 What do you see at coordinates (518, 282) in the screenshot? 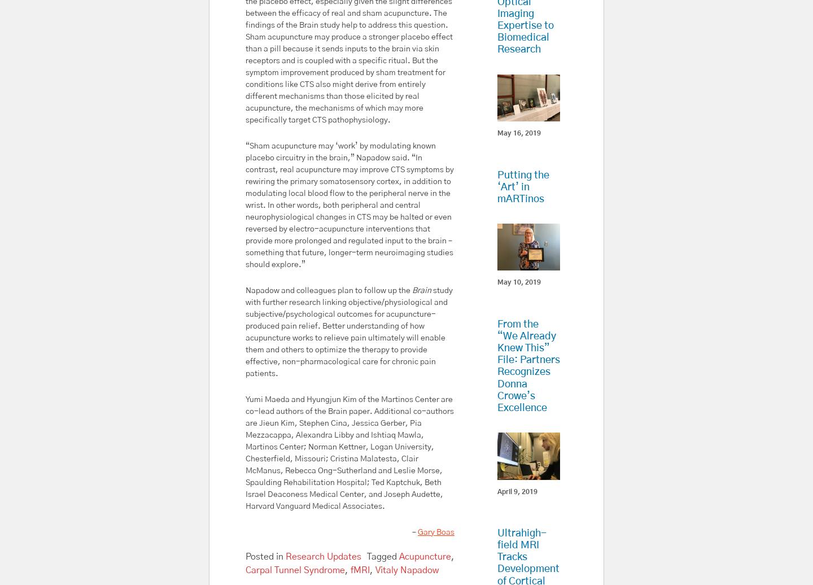
I see `'May 10, 2019'` at bounding box center [518, 282].